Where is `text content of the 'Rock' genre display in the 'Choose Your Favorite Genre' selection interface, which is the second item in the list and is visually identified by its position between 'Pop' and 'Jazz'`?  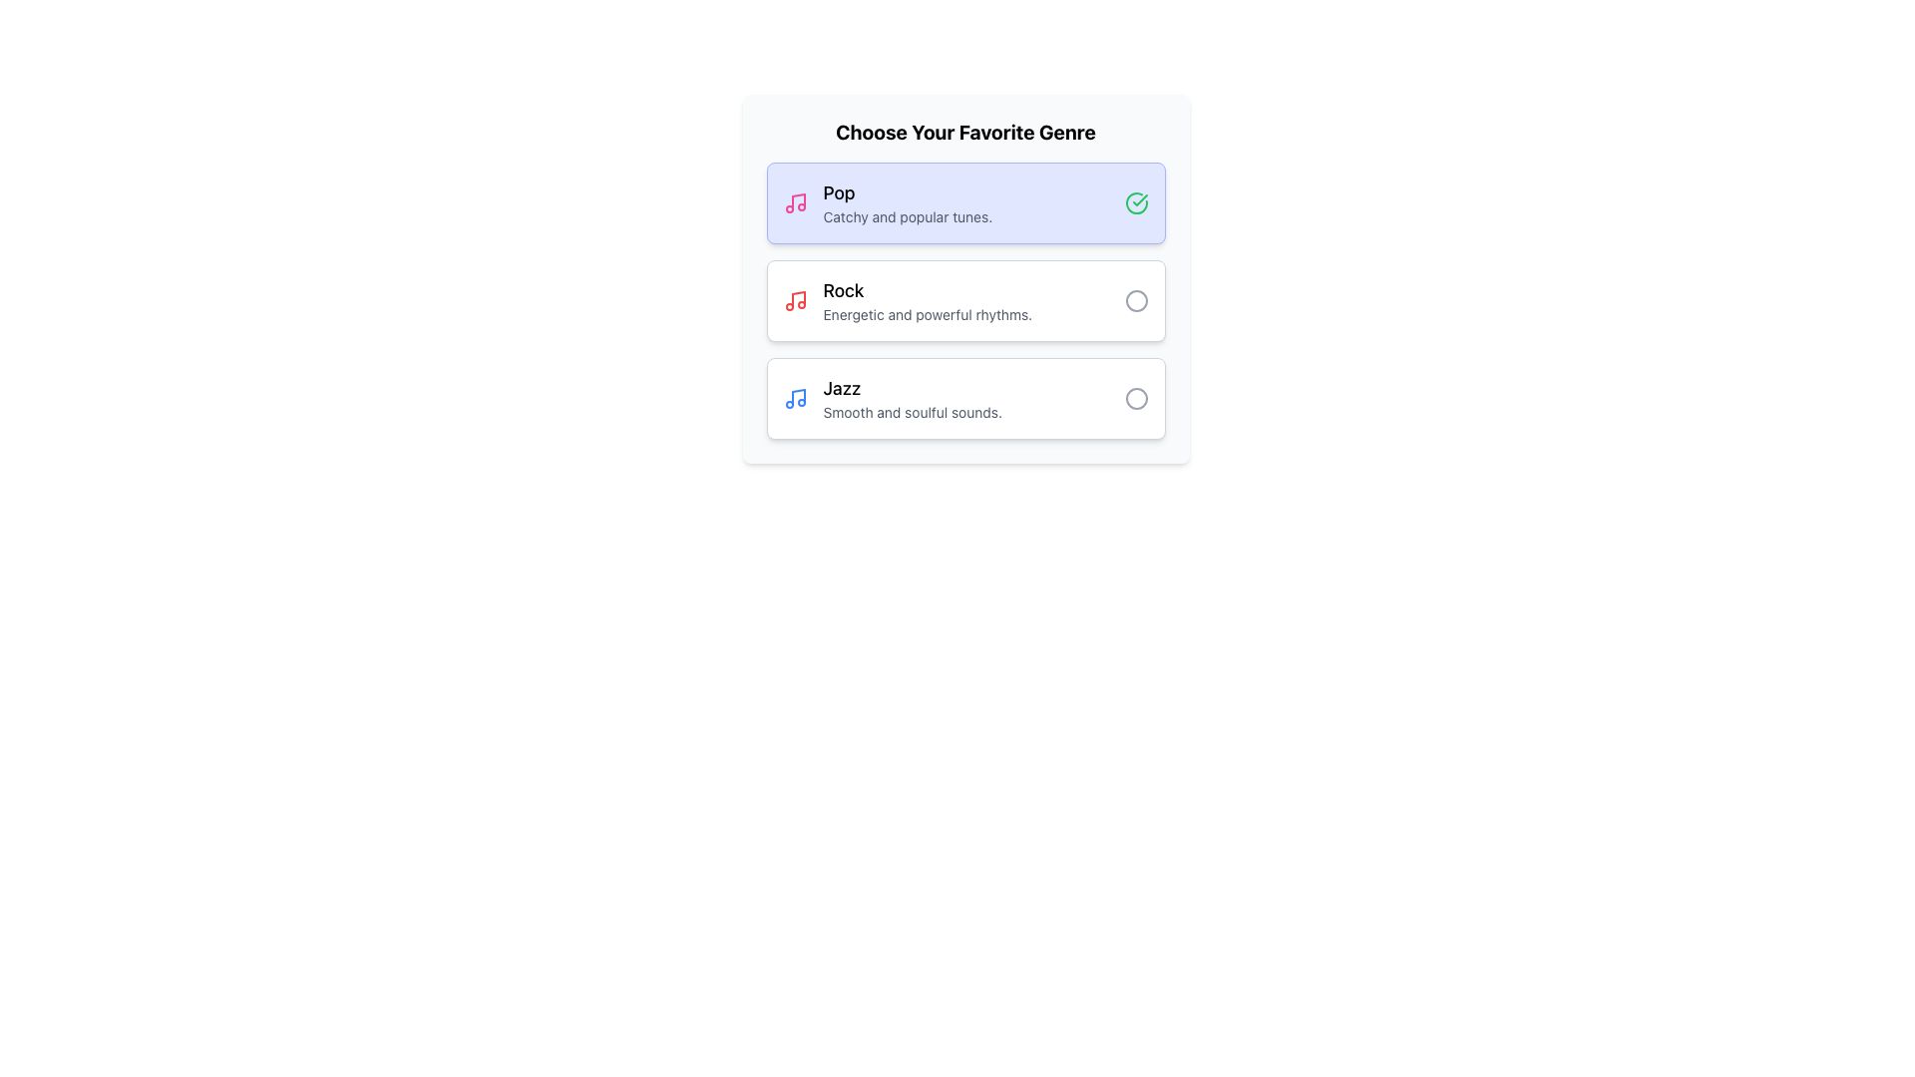 text content of the 'Rock' genre display in the 'Choose Your Favorite Genre' selection interface, which is the second item in the list and is visually identified by its position between 'Pop' and 'Jazz' is located at coordinates (973, 300).